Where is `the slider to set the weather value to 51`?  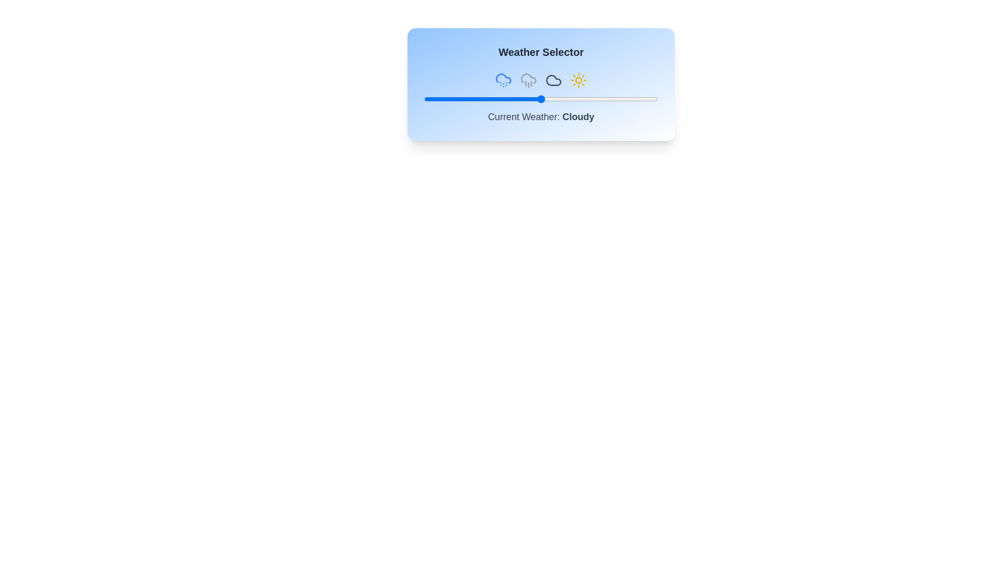 the slider to set the weather value to 51 is located at coordinates (543, 99).